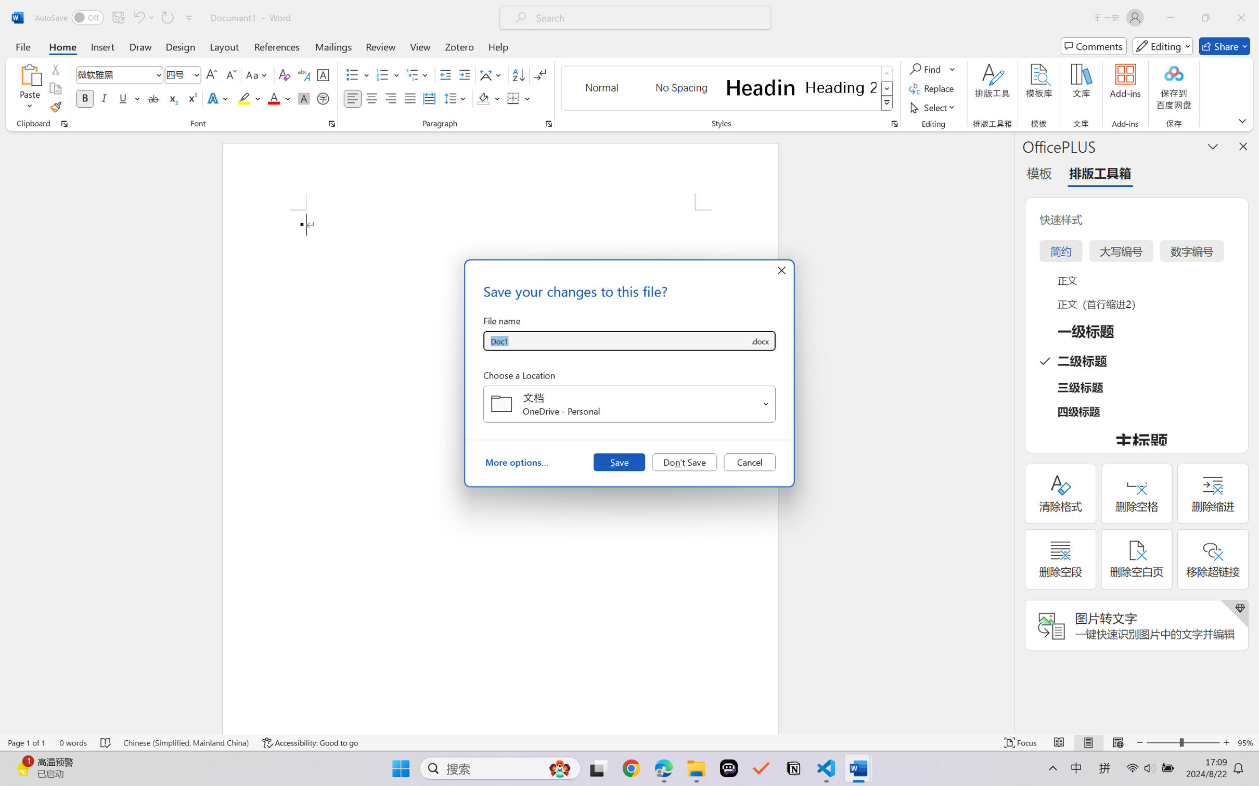 This screenshot has width=1259, height=786. Describe the element at coordinates (1007, 432) in the screenshot. I see `'Class: NetUIScrollBar'` at that location.